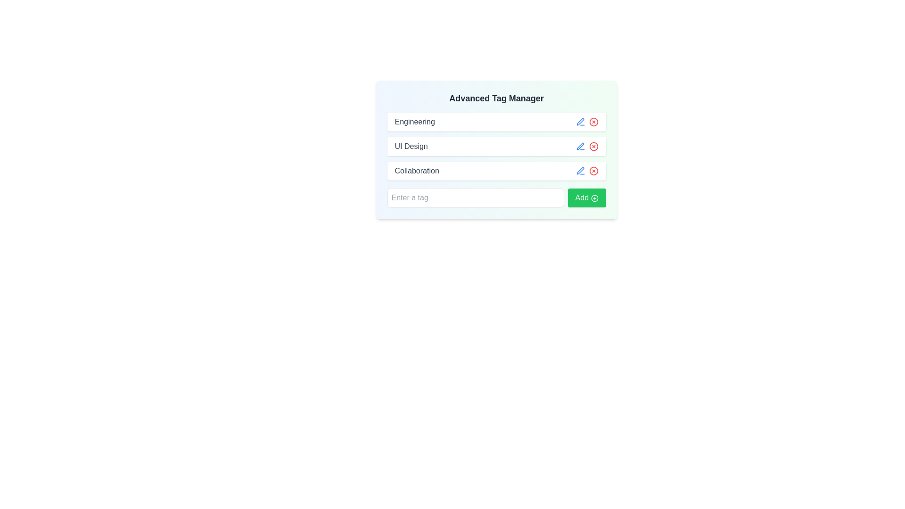 This screenshot has height=509, width=905. I want to click on the circular icon with a plus symbol (+) in the center, located within the green 'Add' button at the bottom-right corner of the interface, so click(594, 197).